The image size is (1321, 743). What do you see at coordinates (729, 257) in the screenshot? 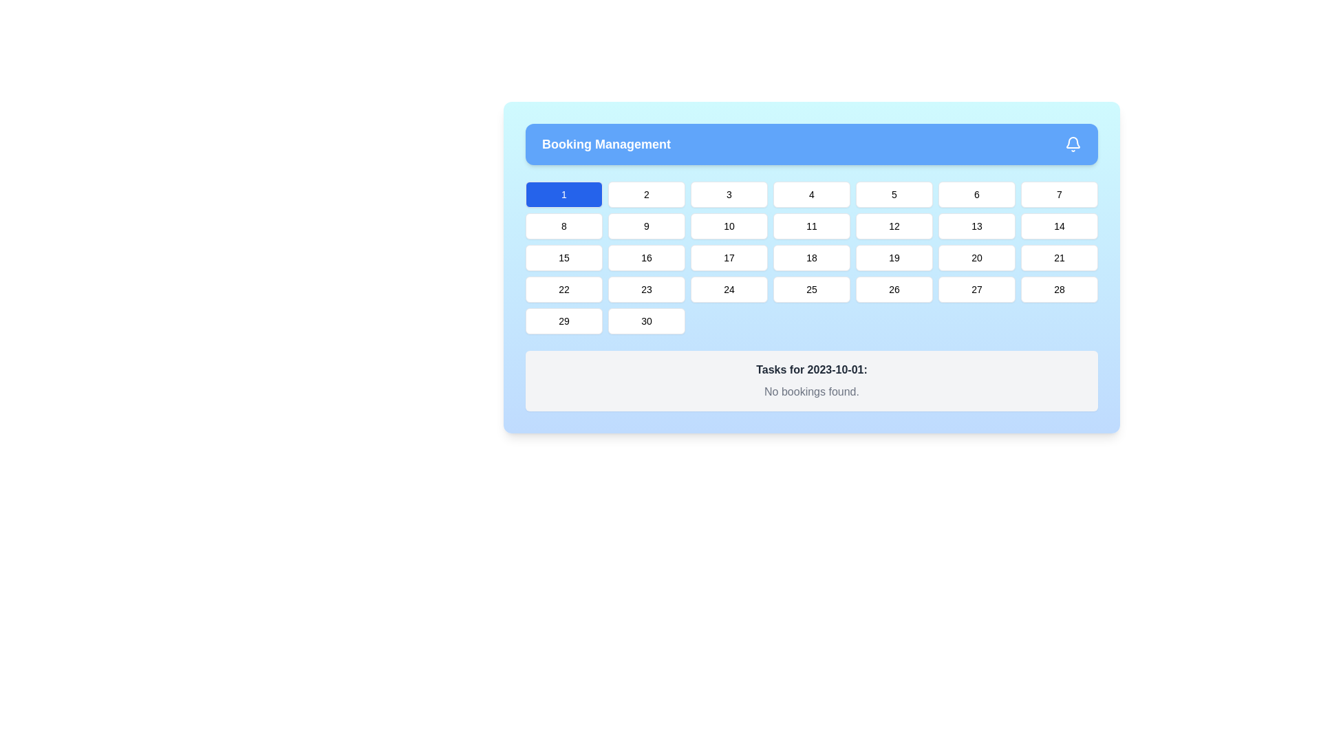
I see `the button displaying '17', which is a rounded rectangle with a white background` at bounding box center [729, 257].